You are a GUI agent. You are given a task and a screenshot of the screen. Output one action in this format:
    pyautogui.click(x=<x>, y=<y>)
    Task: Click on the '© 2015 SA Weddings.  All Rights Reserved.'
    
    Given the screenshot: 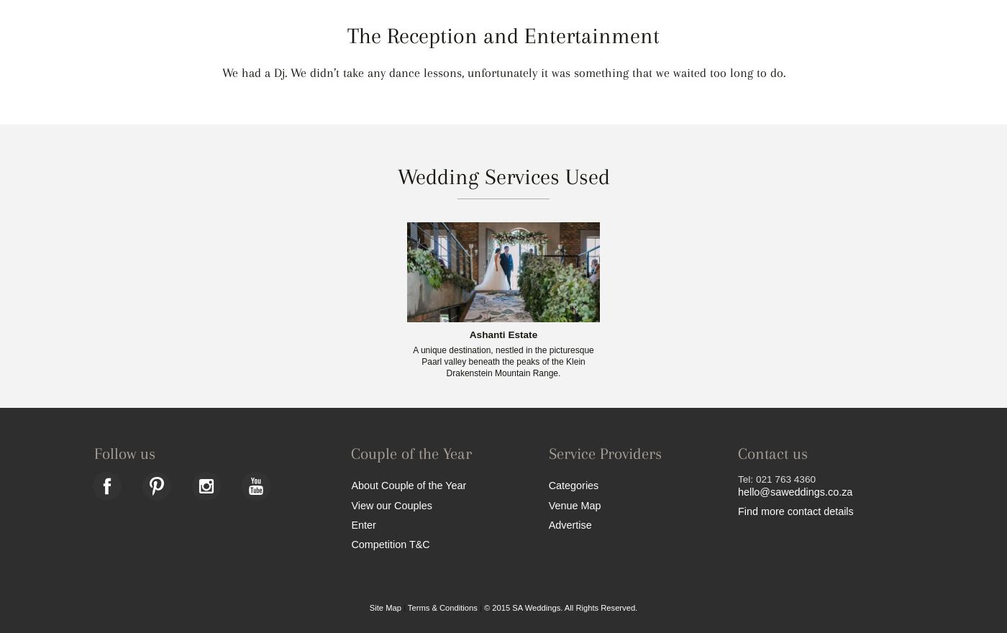 What is the action you would take?
    pyautogui.click(x=560, y=607)
    